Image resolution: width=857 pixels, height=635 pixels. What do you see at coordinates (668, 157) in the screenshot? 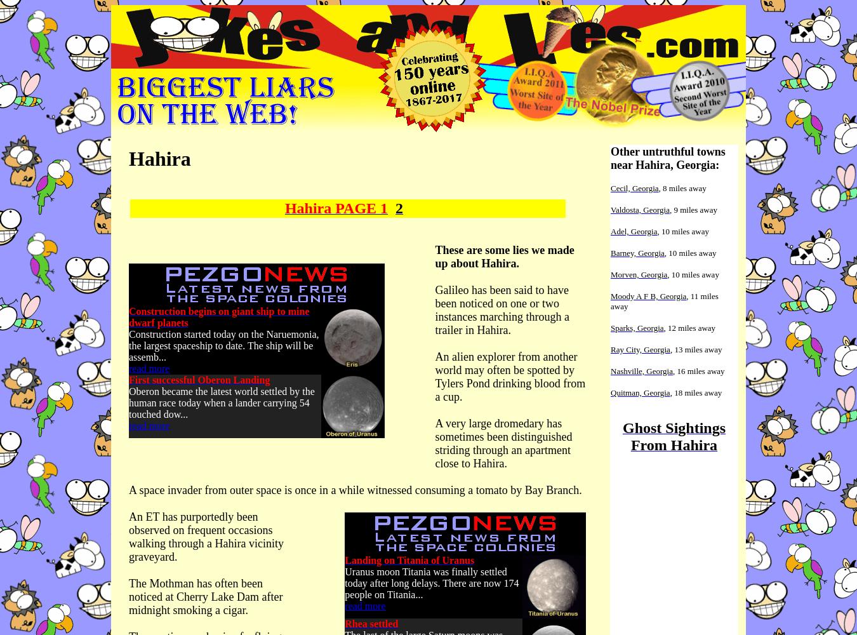
I see `'Other untruthful towns near Hahira, Georgia:'` at bounding box center [668, 157].